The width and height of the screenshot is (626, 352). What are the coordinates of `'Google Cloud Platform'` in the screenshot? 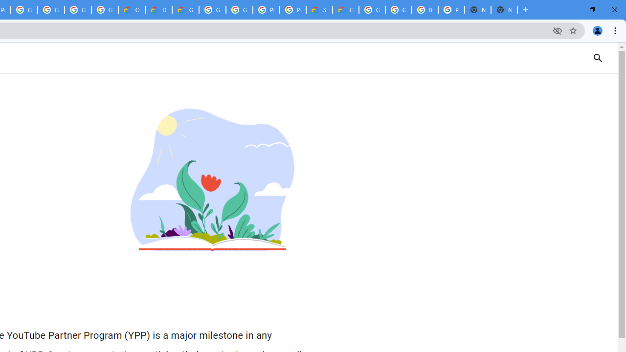 It's located at (239, 10).